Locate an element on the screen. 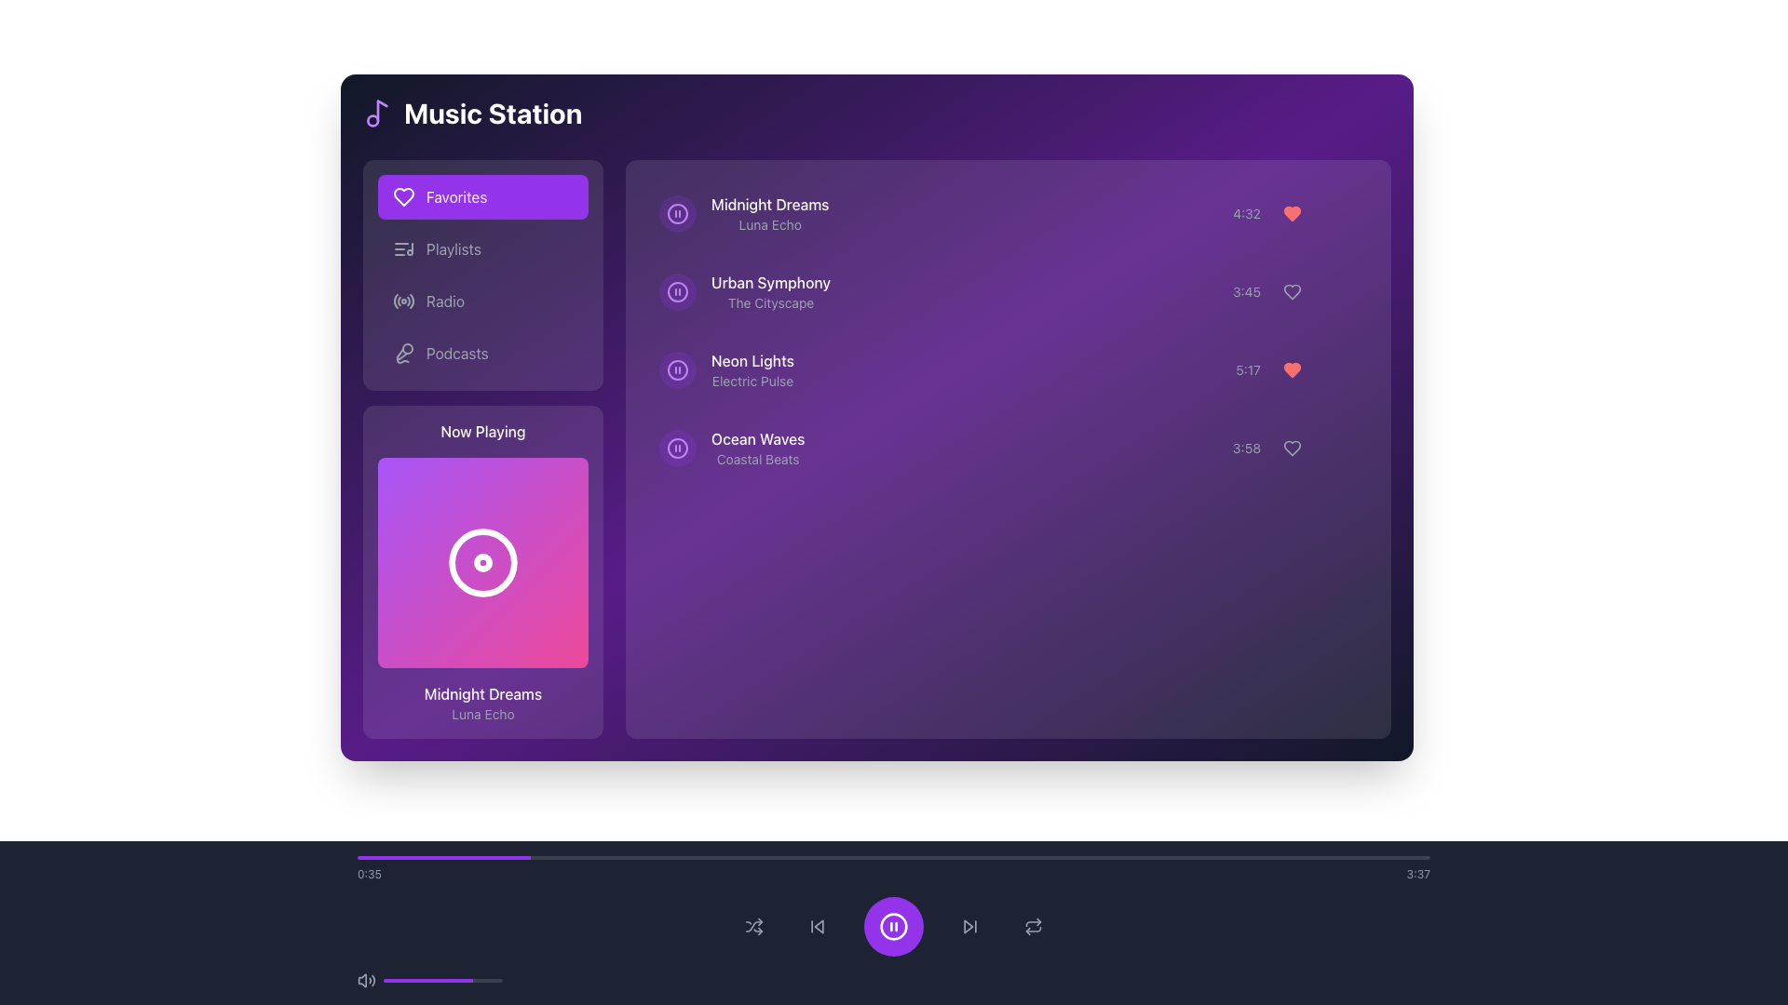 Image resolution: width=1788 pixels, height=1005 pixels. the 'Ocean Waves' text block, which is the fourth item is located at coordinates (758, 449).